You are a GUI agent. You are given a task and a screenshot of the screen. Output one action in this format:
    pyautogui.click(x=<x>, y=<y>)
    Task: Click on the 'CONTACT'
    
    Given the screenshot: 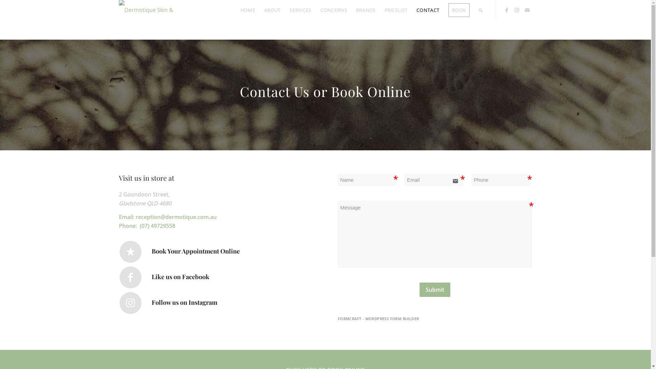 What is the action you would take?
    pyautogui.click(x=427, y=10)
    